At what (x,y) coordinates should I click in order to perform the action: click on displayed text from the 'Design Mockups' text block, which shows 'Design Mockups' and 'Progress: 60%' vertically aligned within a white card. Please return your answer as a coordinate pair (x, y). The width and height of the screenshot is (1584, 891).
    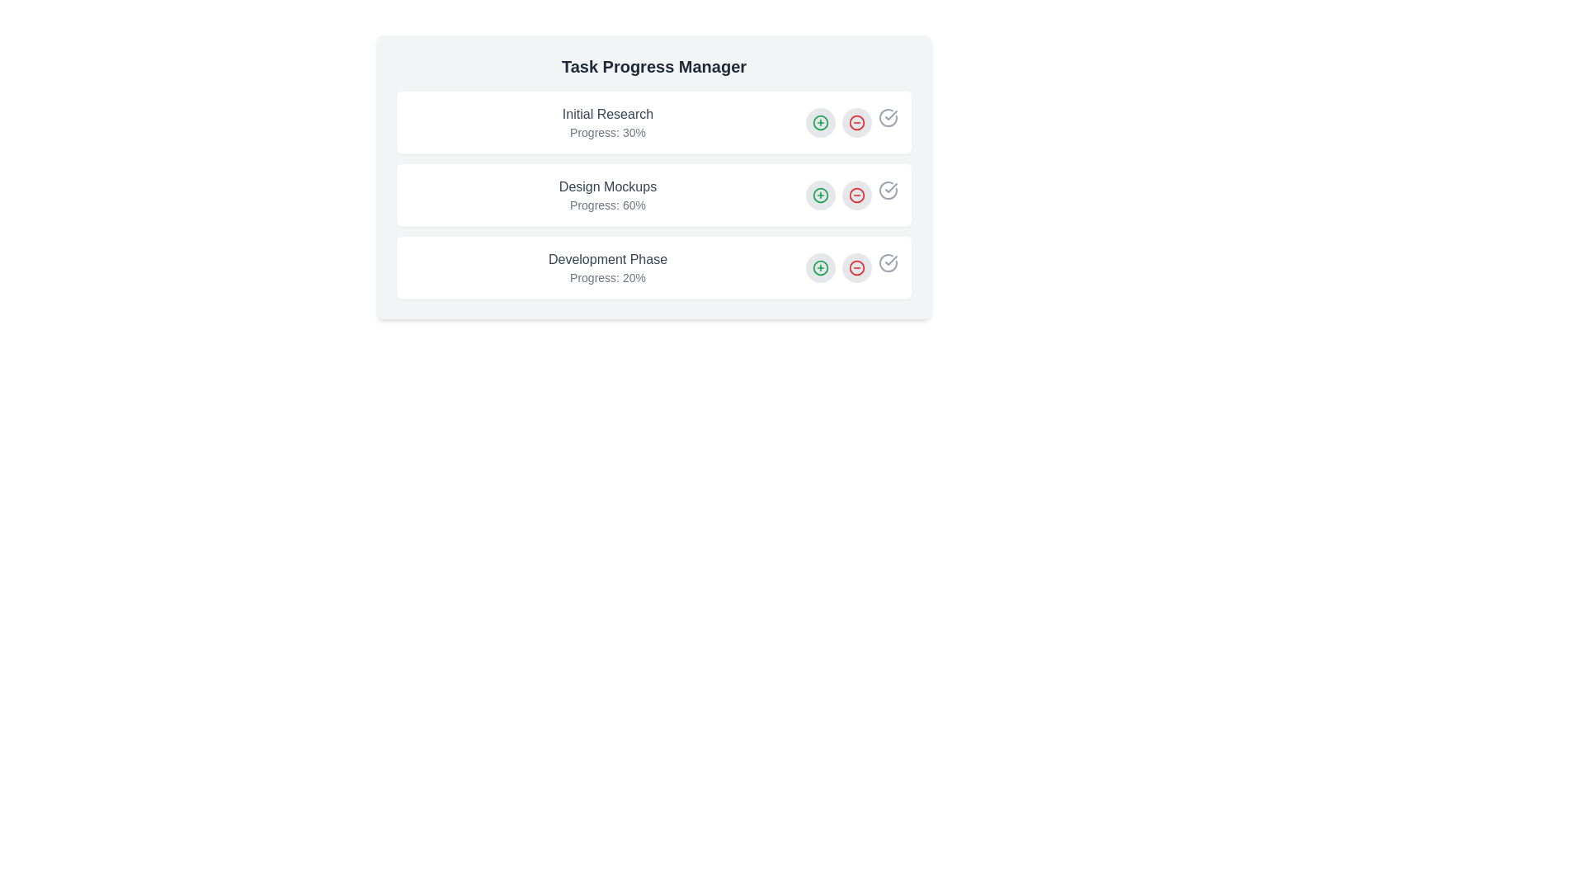
    Looking at the image, I should click on (607, 194).